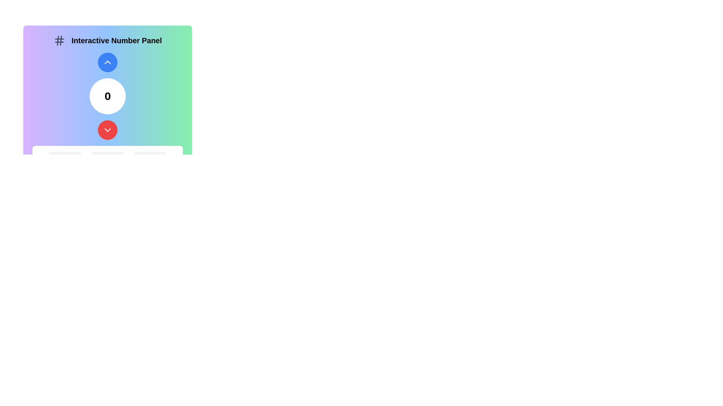 The height and width of the screenshot is (406, 723). What do you see at coordinates (107, 41) in the screenshot?
I see `the Label with Icon that displays 'Interactive Number Panel' featuring a gray hash symbol and bold black text, located near the top center of the interface` at bounding box center [107, 41].